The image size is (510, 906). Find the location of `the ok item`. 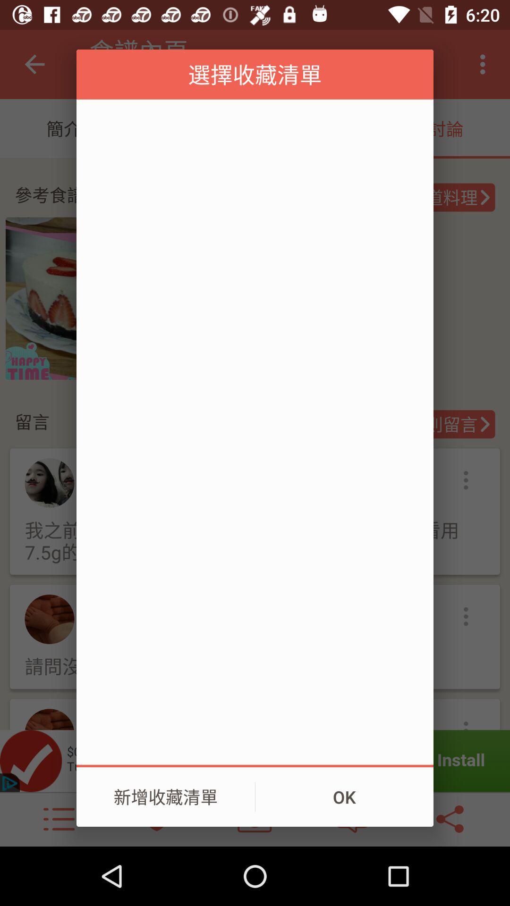

the ok item is located at coordinates (344, 797).